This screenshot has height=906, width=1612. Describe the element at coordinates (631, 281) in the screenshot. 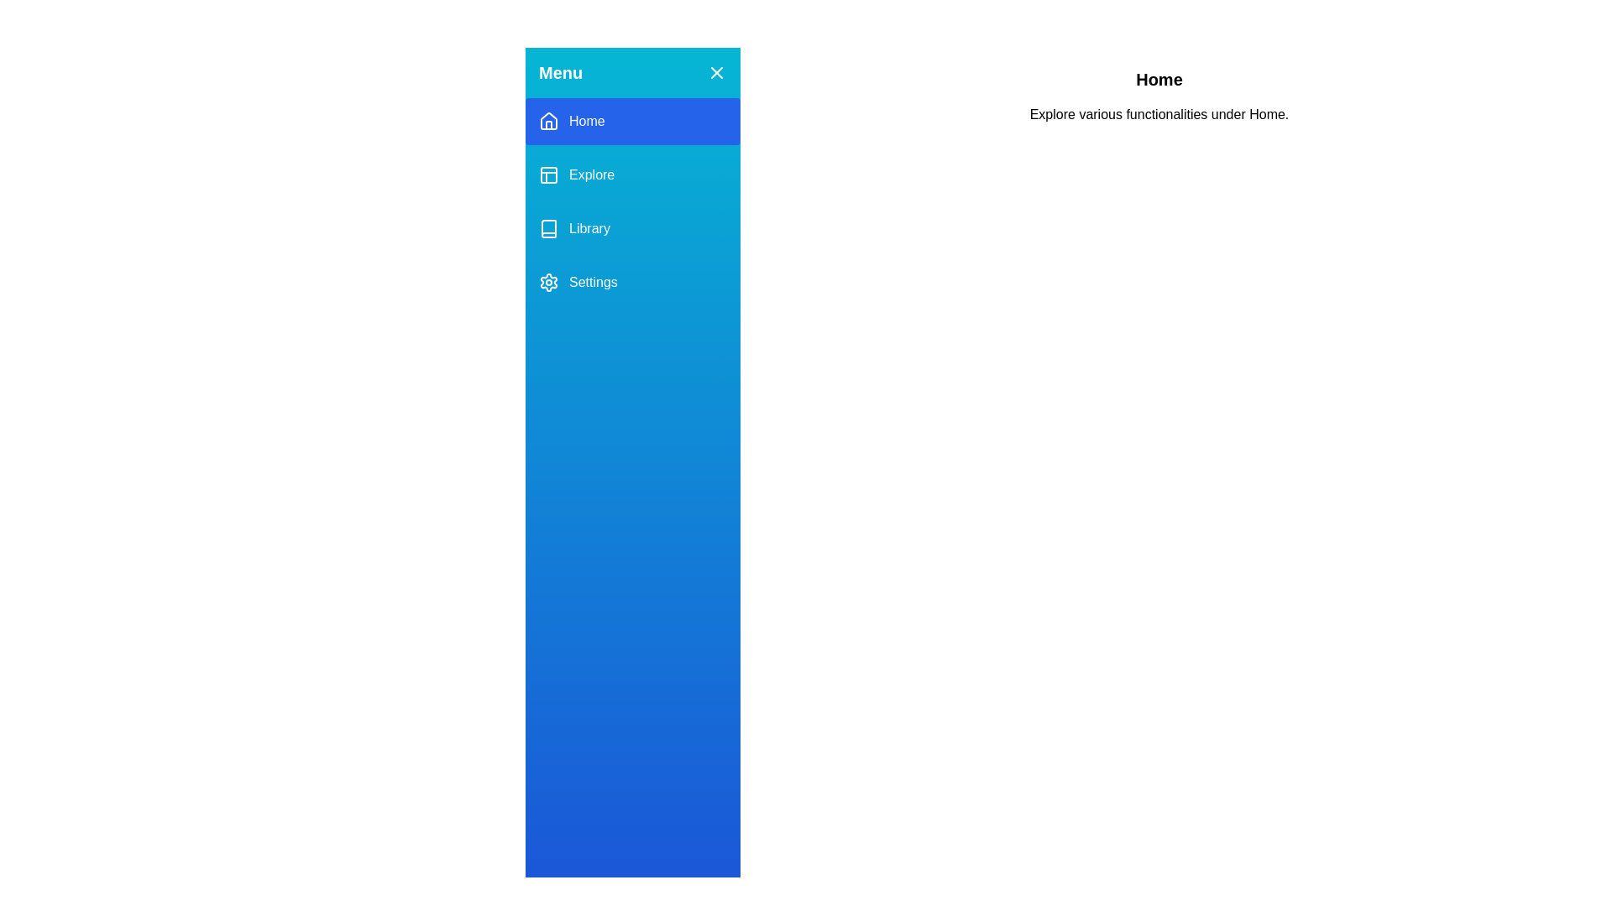

I see `the Settings section from the menu` at that location.